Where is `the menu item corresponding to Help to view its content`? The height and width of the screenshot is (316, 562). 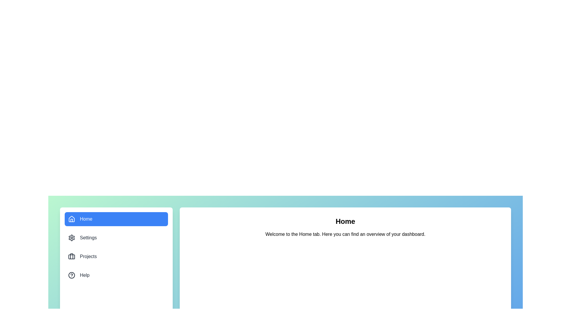 the menu item corresponding to Help to view its content is located at coordinates (116, 275).